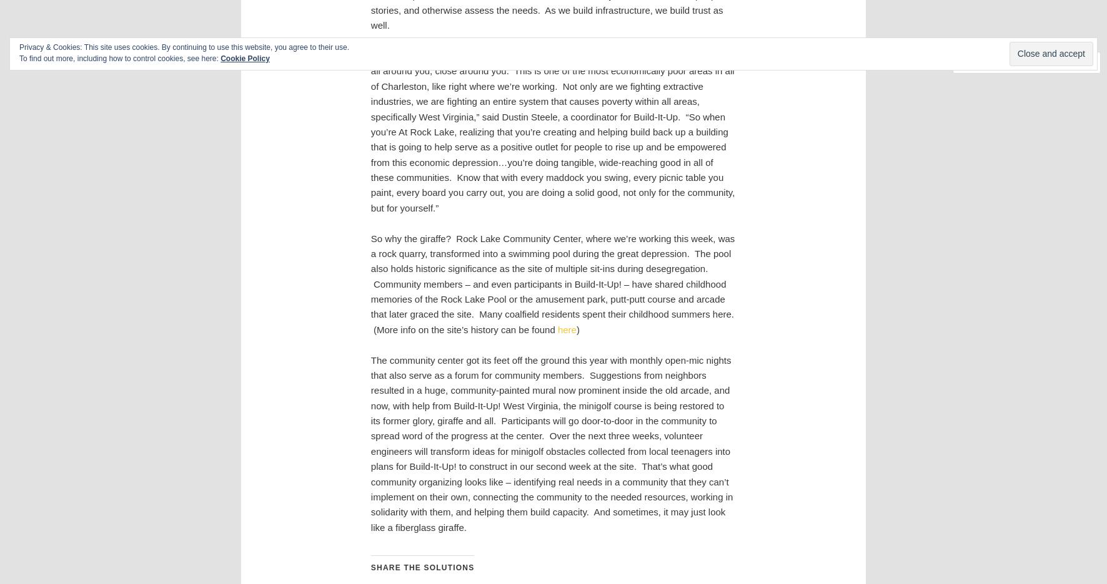 This screenshot has height=584, width=1107. Describe the element at coordinates (552, 283) in the screenshot. I see `'So why the giraffe?  Rock Lake Community Center, where we’re working this week, was a rock quarry, transformed into a swimming pool during the great depression.  The pool also holds historic significance as the site of multiple sit-ins during desegregation.  Community members – and even participants in Build-It-Up! – have shared childhood memories of the Rock Lake Pool or the amusement park, putt-putt course and arcade that later graced the site.  Many coalfield residents spent their childhood summers here.  (More info on the site’s history can be found'` at that location.